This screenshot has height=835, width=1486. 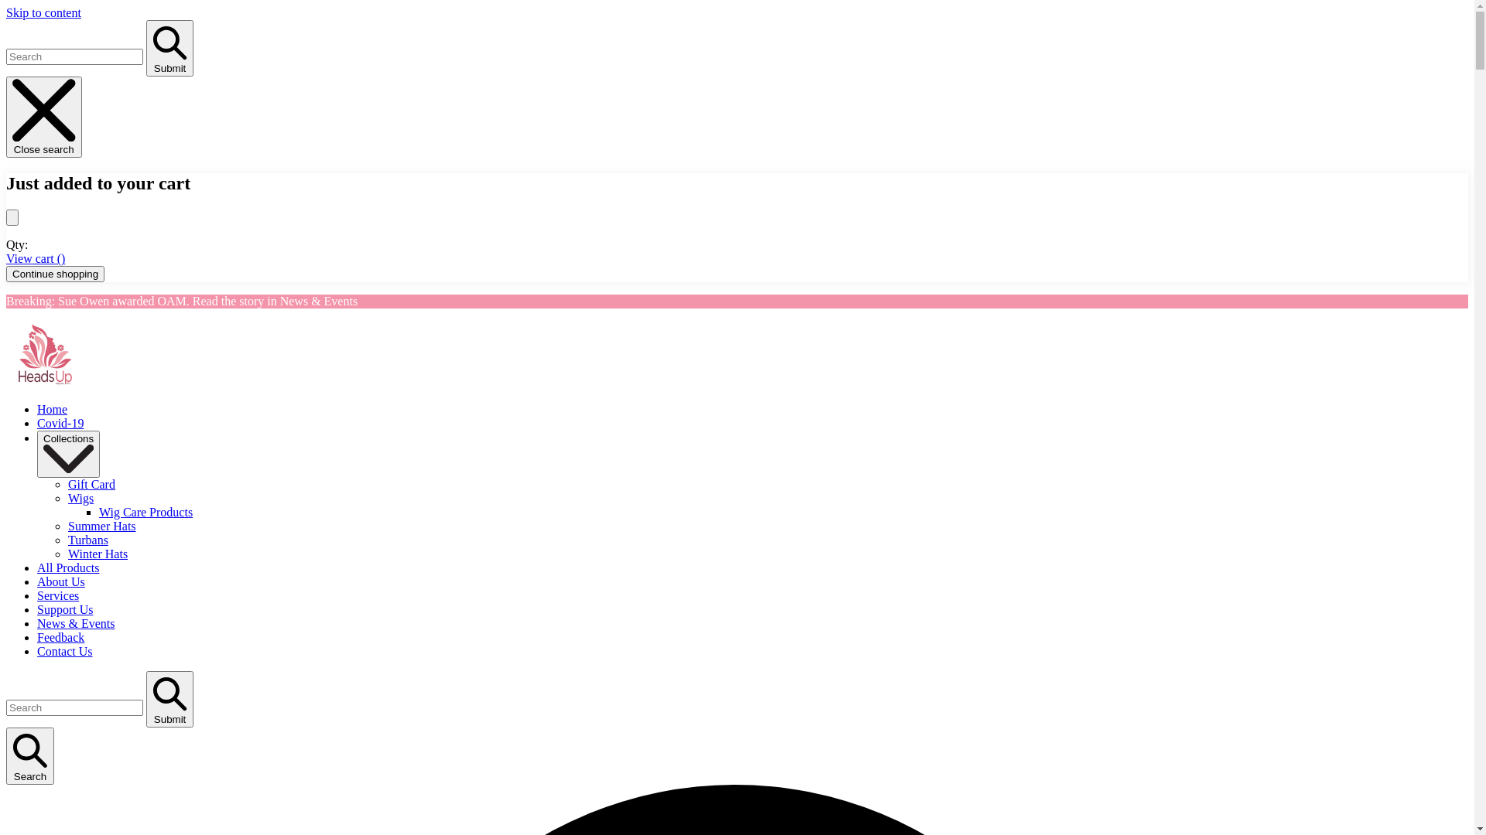 I want to click on 'Gift Card', so click(x=67, y=483).